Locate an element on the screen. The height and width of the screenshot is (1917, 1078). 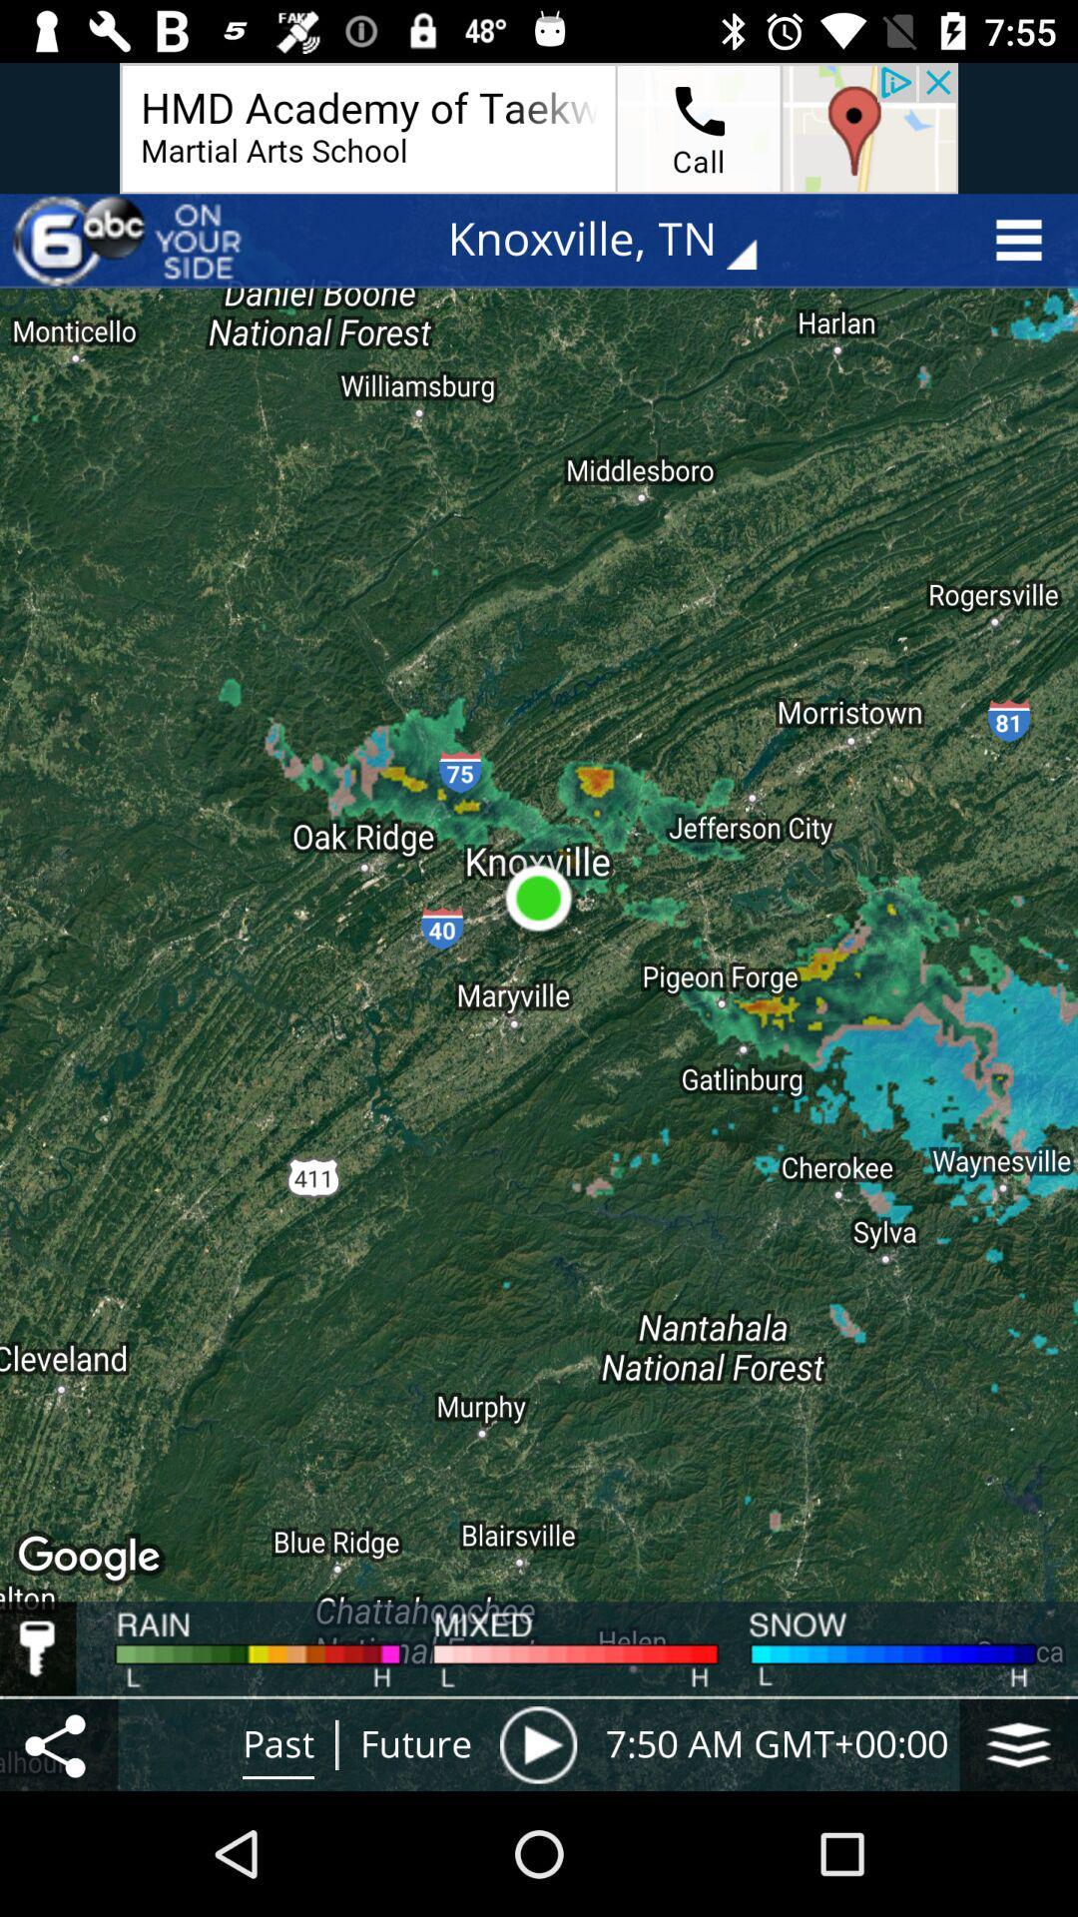
the knoxville, tn item is located at coordinates (615, 240).